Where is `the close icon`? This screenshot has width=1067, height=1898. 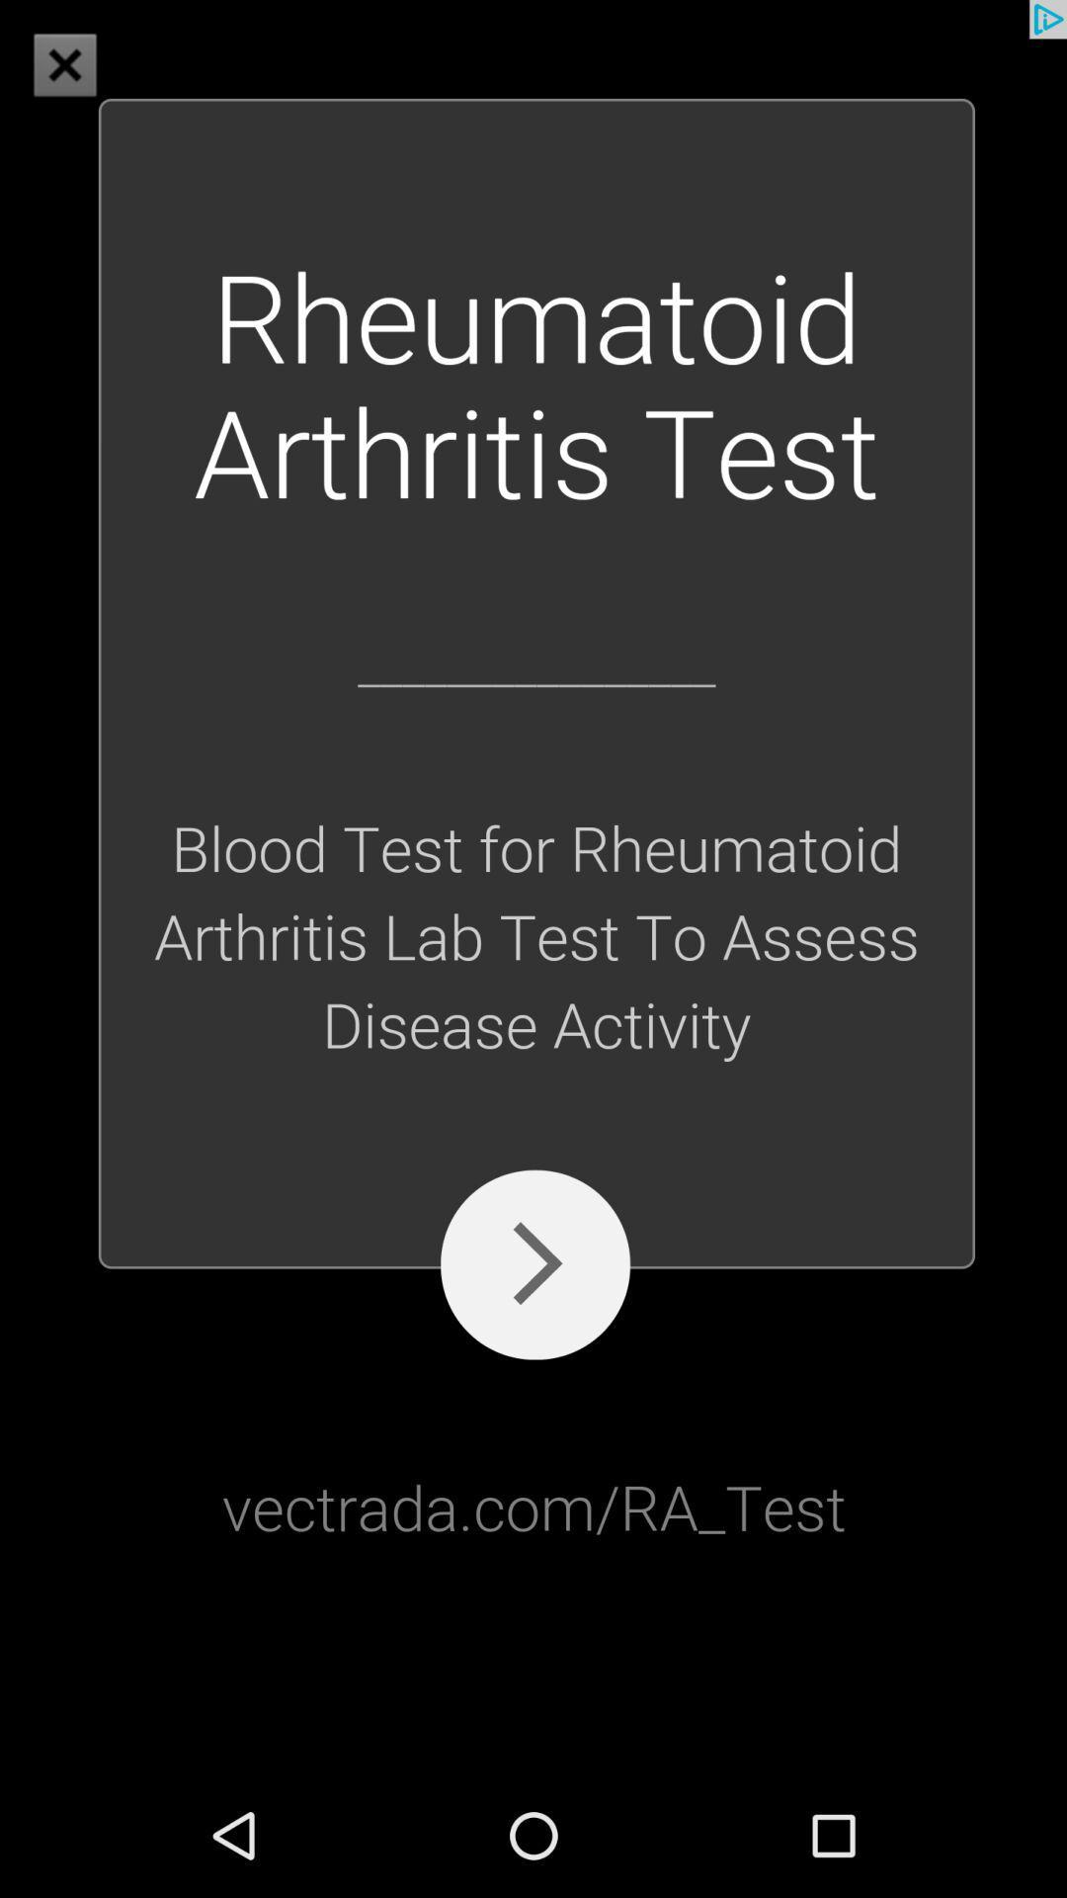
the close icon is located at coordinates (63, 69).